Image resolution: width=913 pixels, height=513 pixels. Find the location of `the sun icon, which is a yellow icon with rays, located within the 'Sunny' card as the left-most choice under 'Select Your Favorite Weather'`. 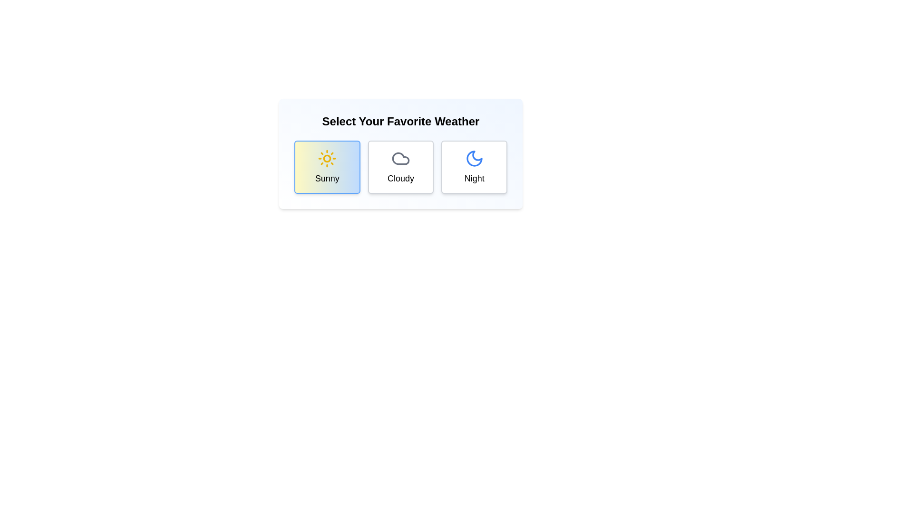

the sun icon, which is a yellow icon with rays, located within the 'Sunny' card as the left-most choice under 'Select Your Favorite Weather' is located at coordinates (327, 158).